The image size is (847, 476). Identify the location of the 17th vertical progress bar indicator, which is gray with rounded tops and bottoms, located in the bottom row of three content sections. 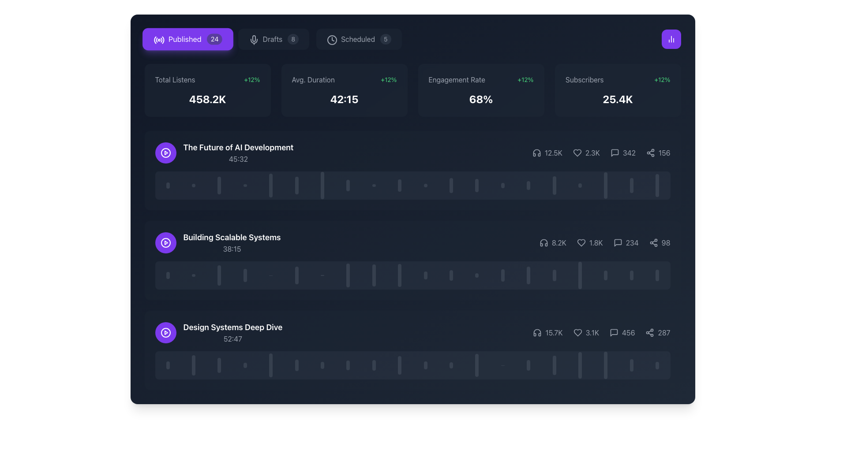
(580, 365).